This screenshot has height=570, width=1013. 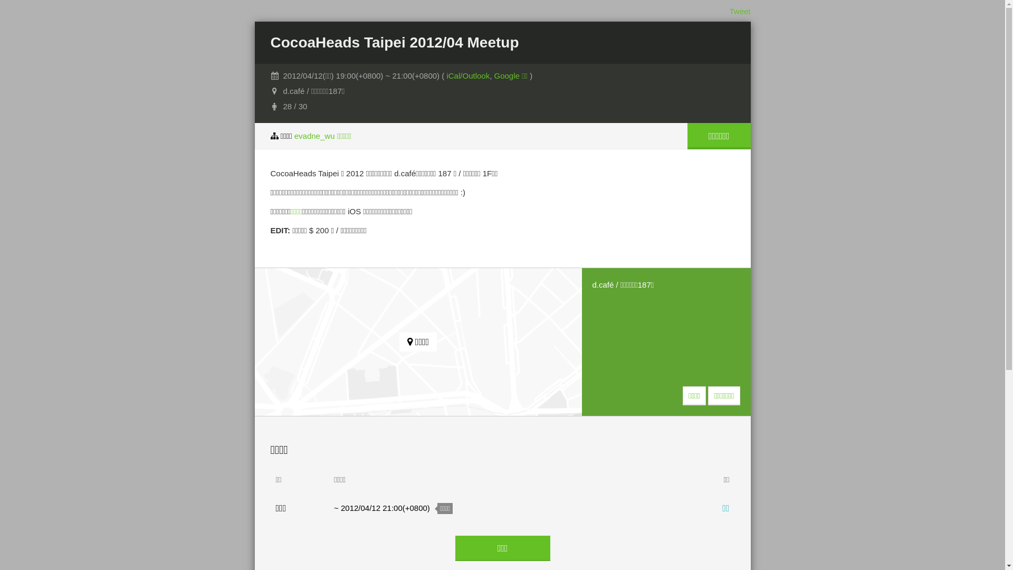 I want to click on 'iCal/Outlook', so click(x=467, y=75).